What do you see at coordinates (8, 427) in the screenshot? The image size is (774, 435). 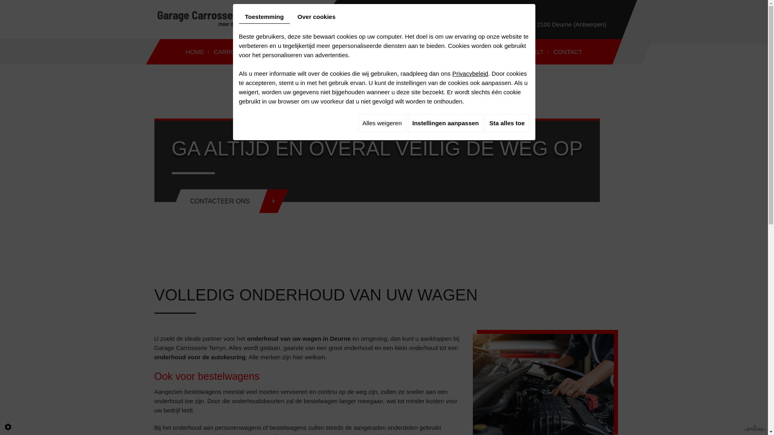 I see `'Cookie-instelling bewerken'` at bounding box center [8, 427].